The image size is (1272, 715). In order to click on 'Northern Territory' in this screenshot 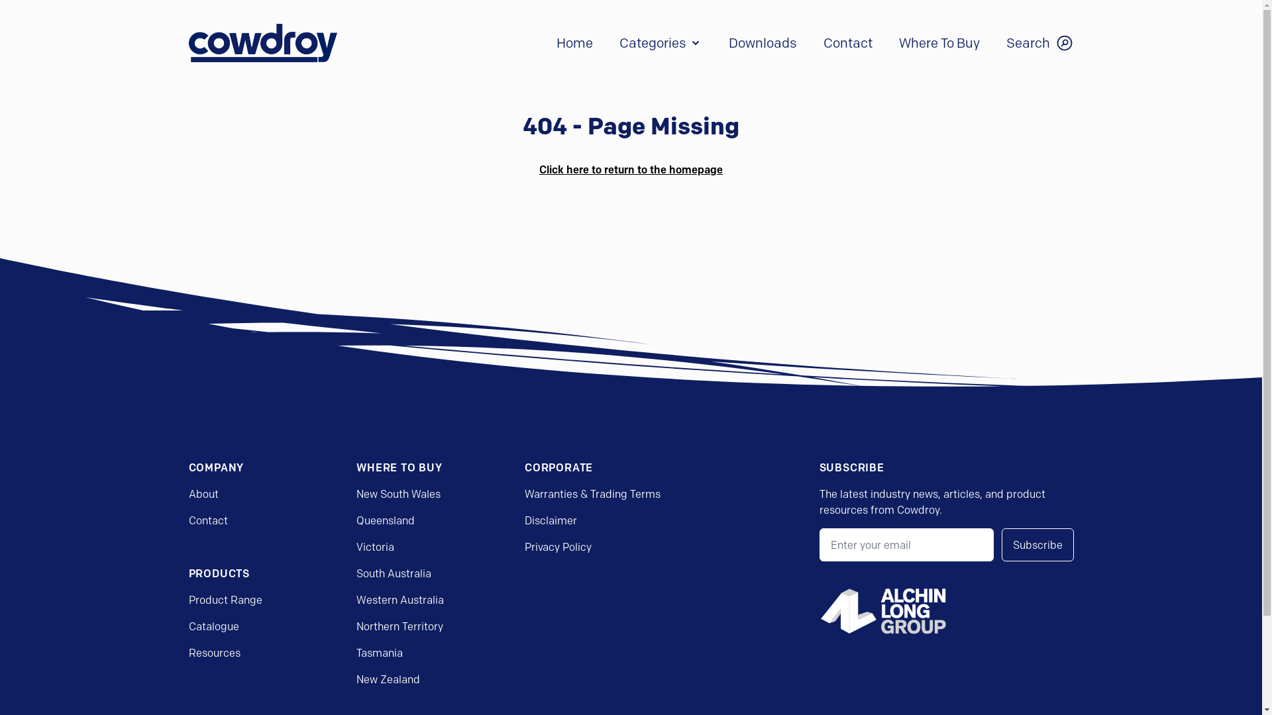, I will do `click(399, 626)`.